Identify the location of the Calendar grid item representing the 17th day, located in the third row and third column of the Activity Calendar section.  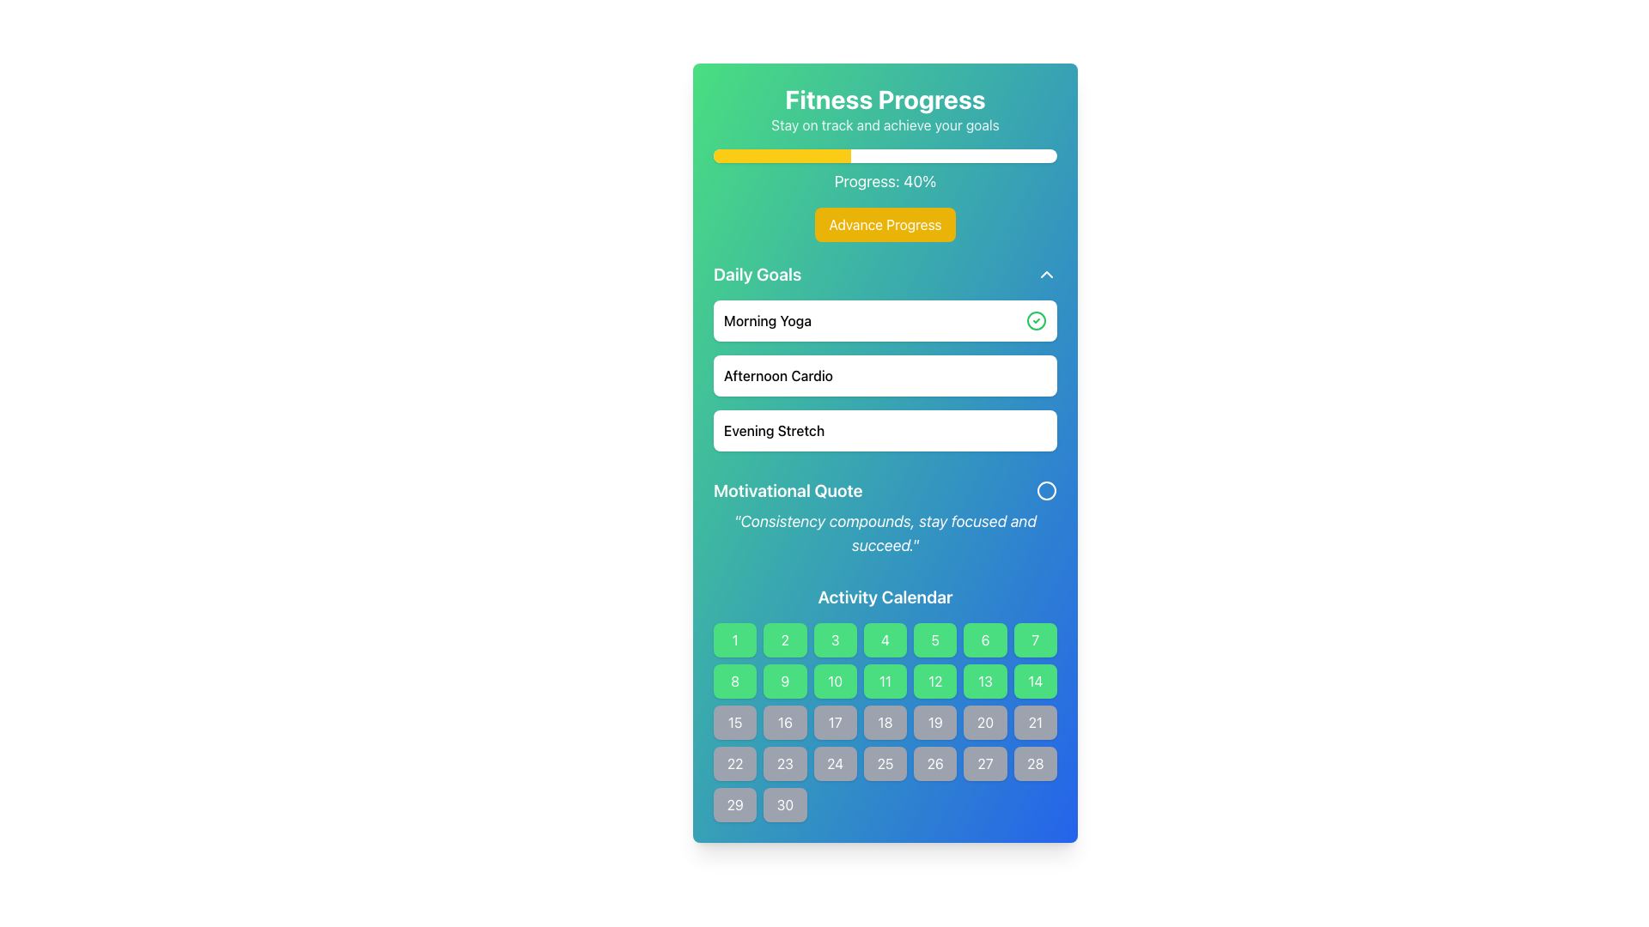
(835, 722).